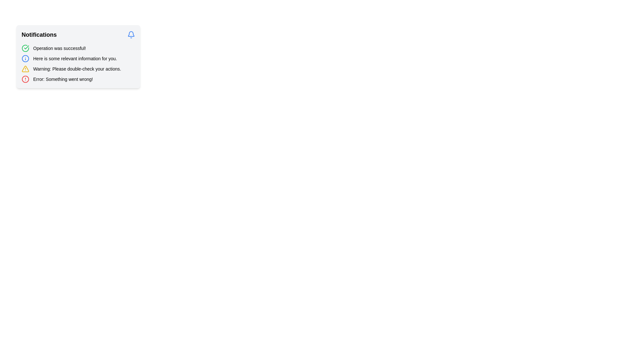  I want to click on error state icon located next to the text 'Error: Something went wrong!' in the fourth notification item of the status messages, so click(25, 79).